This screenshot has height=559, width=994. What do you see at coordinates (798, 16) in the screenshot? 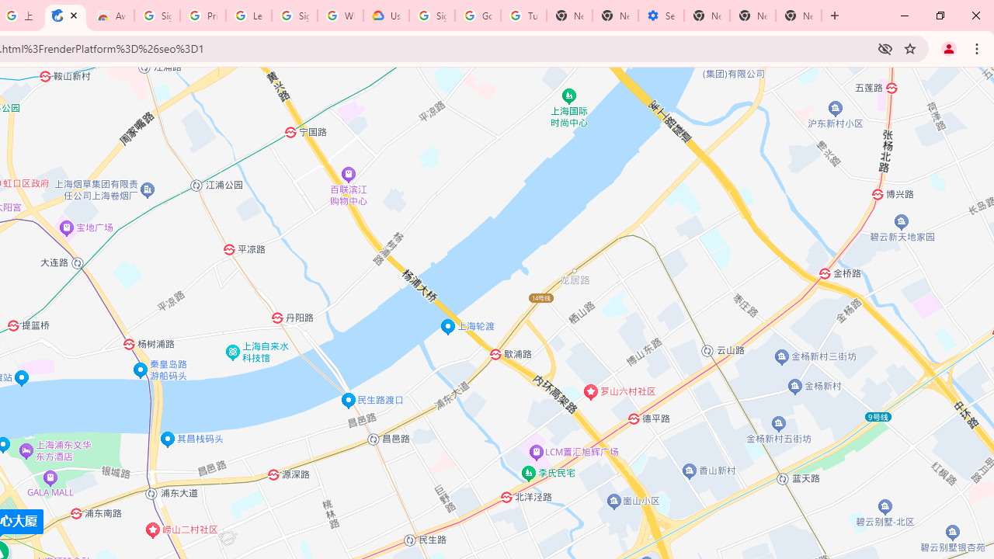
I see `'New Tab'` at bounding box center [798, 16].